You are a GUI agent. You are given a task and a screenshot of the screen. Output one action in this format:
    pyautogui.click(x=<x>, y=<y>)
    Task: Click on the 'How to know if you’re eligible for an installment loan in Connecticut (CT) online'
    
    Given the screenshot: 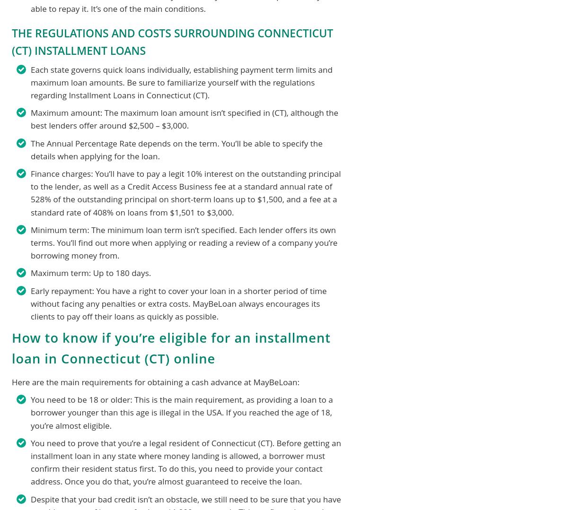 What is the action you would take?
    pyautogui.click(x=170, y=347)
    